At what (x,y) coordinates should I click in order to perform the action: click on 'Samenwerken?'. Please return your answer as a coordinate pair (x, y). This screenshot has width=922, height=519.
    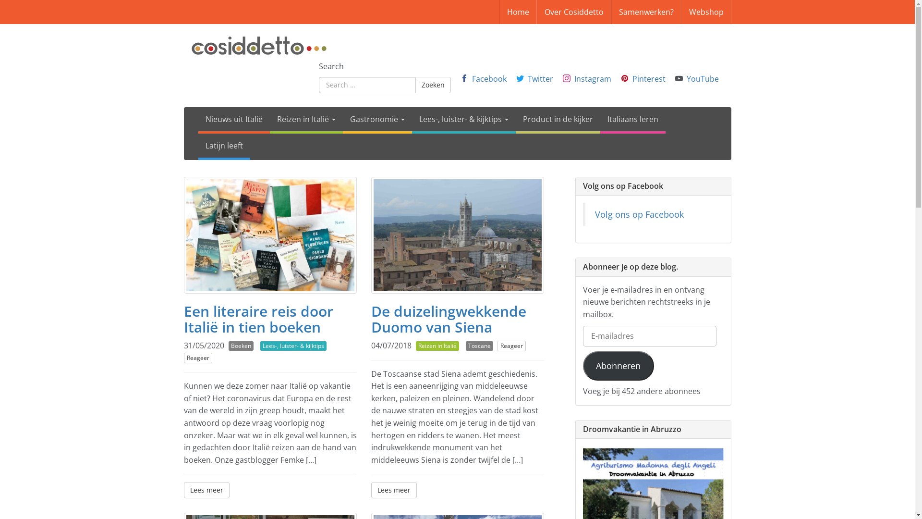
    Looking at the image, I should click on (645, 12).